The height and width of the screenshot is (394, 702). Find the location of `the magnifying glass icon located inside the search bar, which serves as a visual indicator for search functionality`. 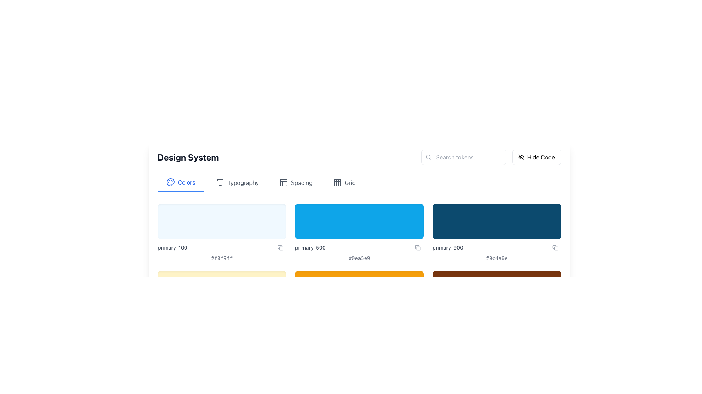

the magnifying glass icon located inside the search bar, which serves as a visual indicator for search functionality is located at coordinates (428, 157).